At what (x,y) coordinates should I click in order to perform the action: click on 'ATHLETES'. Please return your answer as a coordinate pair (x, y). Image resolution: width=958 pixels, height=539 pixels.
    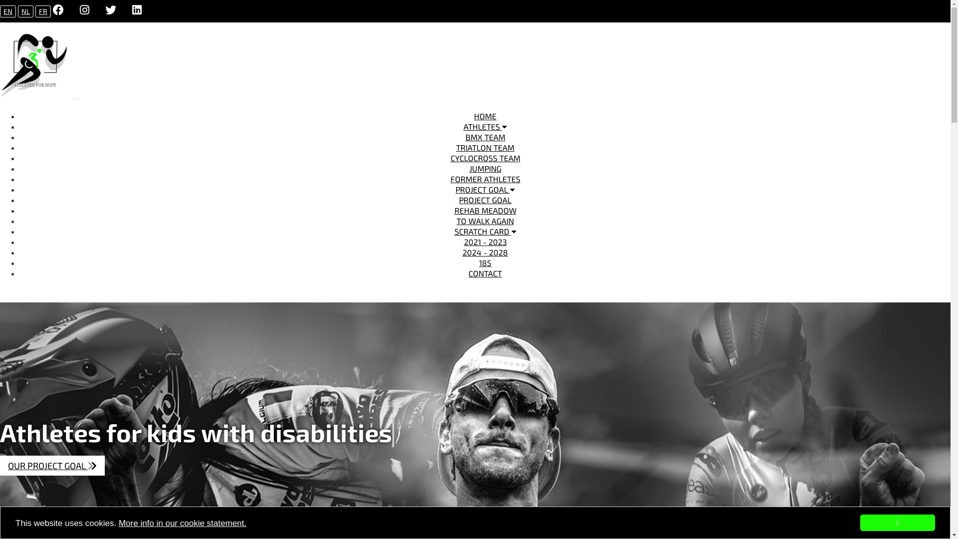
    Looking at the image, I should click on (485, 126).